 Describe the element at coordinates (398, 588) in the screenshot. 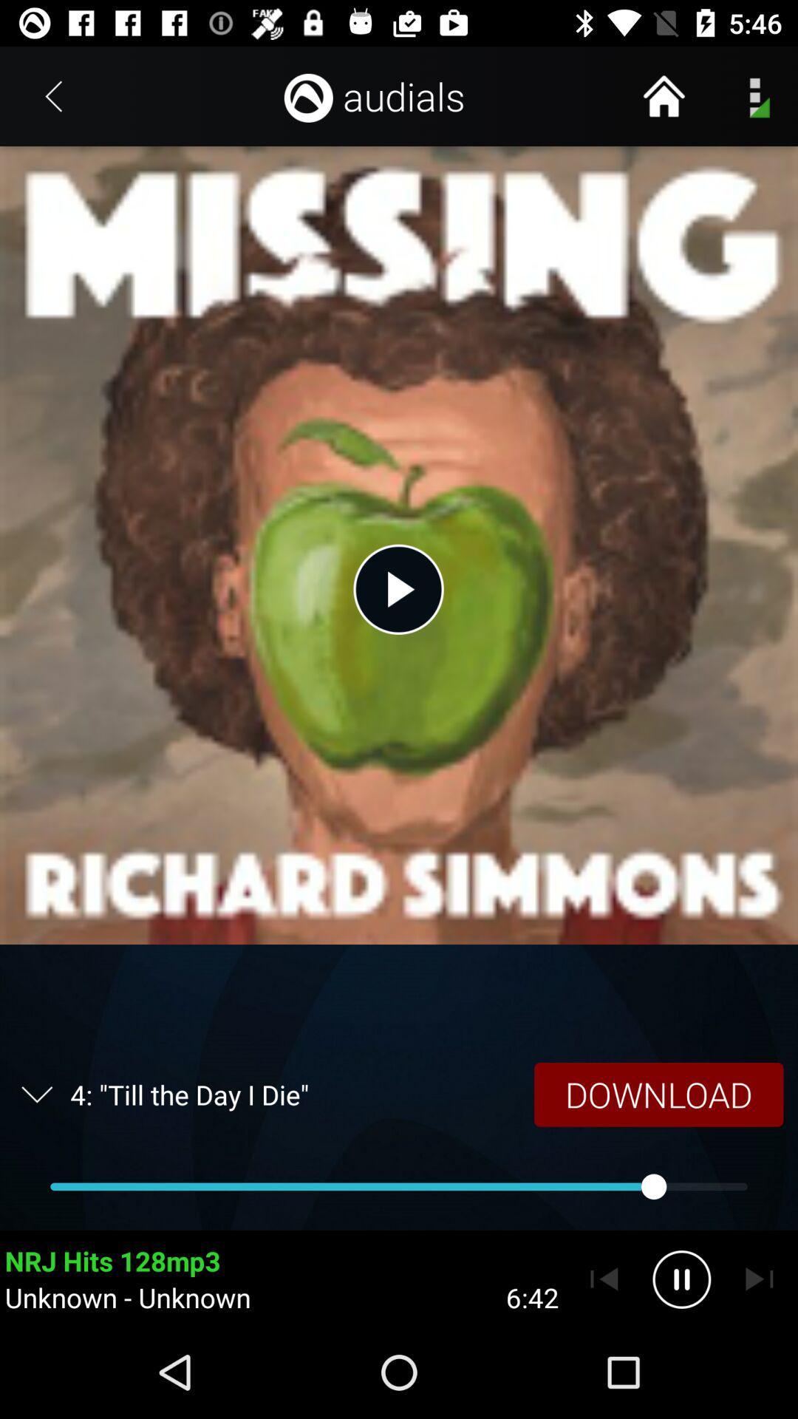

I see `the play icon` at that location.